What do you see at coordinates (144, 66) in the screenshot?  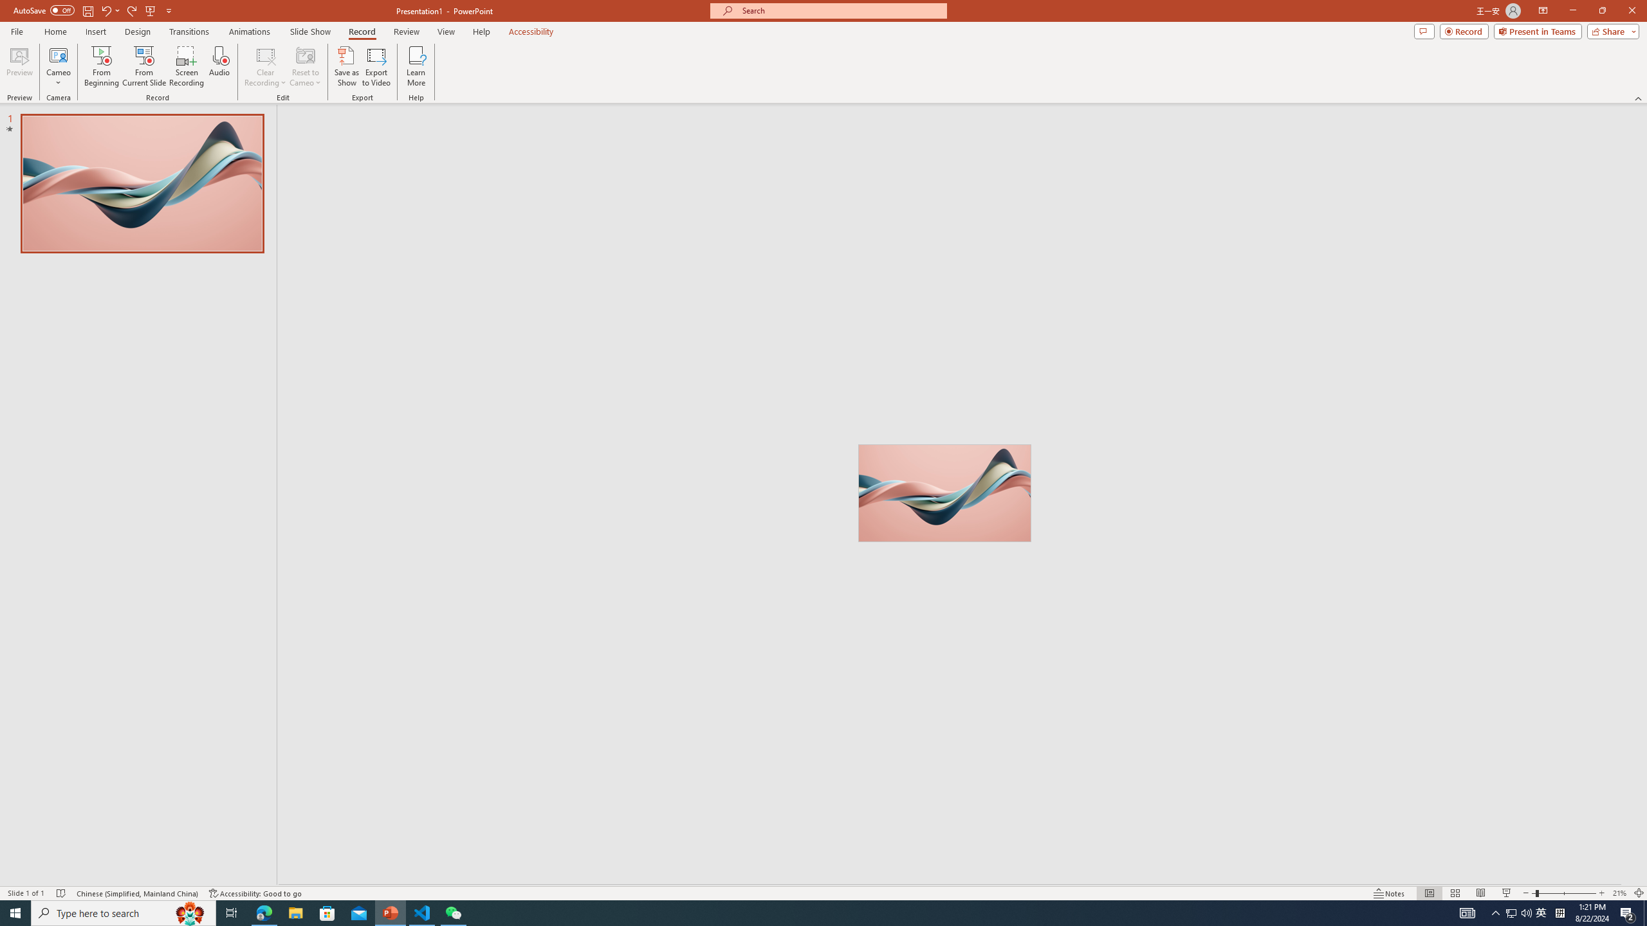 I see `'From Current Slide...'` at bounding box center [144, 66].